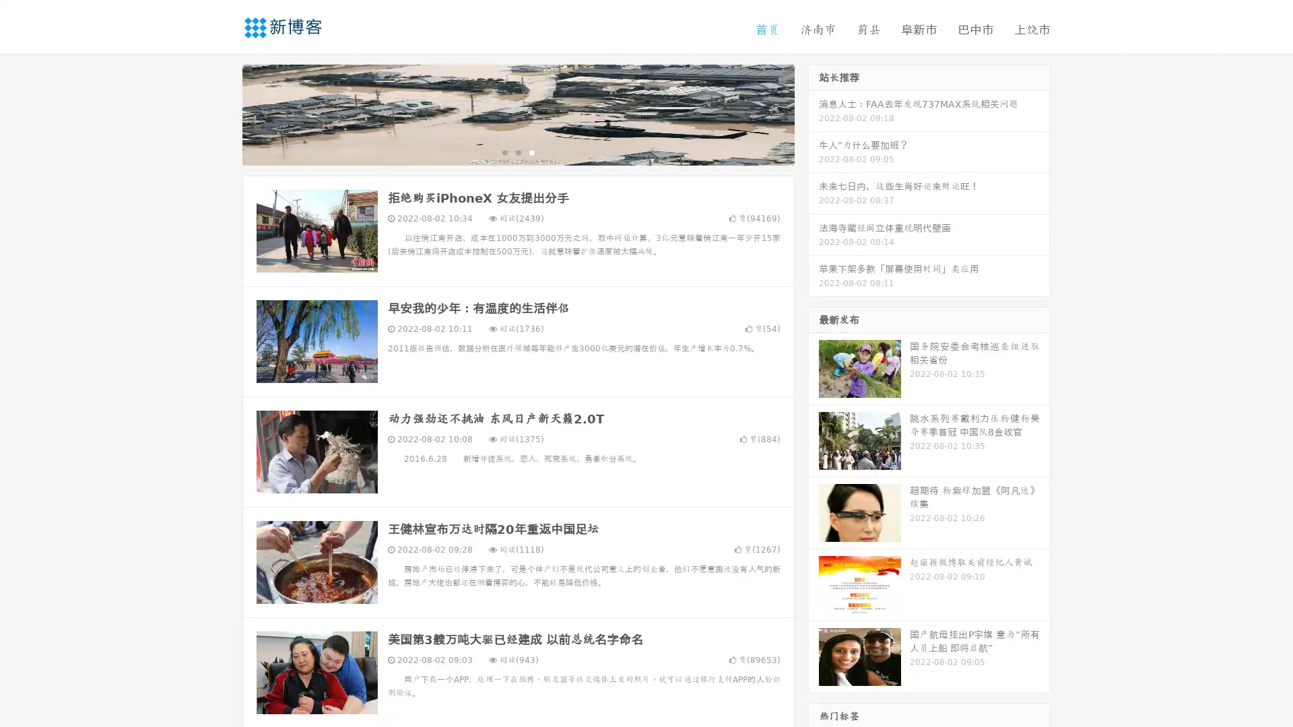 The width and height of the screenshot is (1293, 727). What do you see at coordinates (531, 151) in the screenshot?
I see `Go to slide 3` at bounding box center [531, 151].